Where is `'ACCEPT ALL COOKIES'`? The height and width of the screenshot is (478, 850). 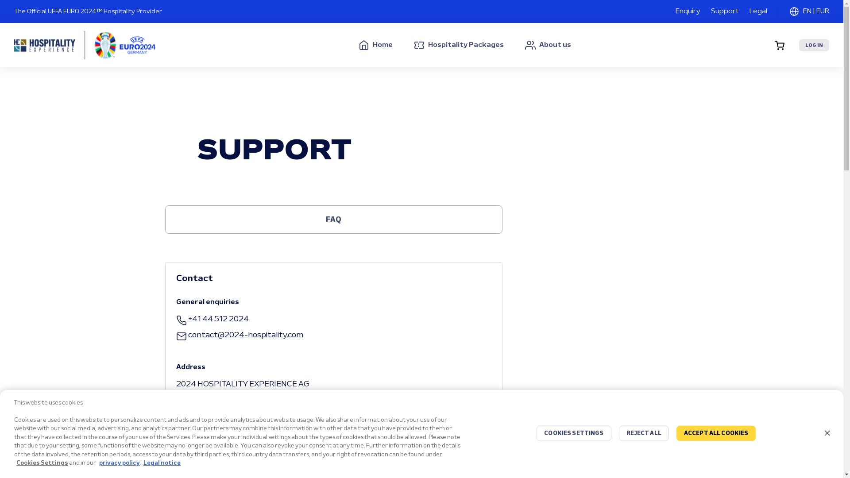
'ACCEPT ALL COOKIES' is located at coordinates (716, 433).